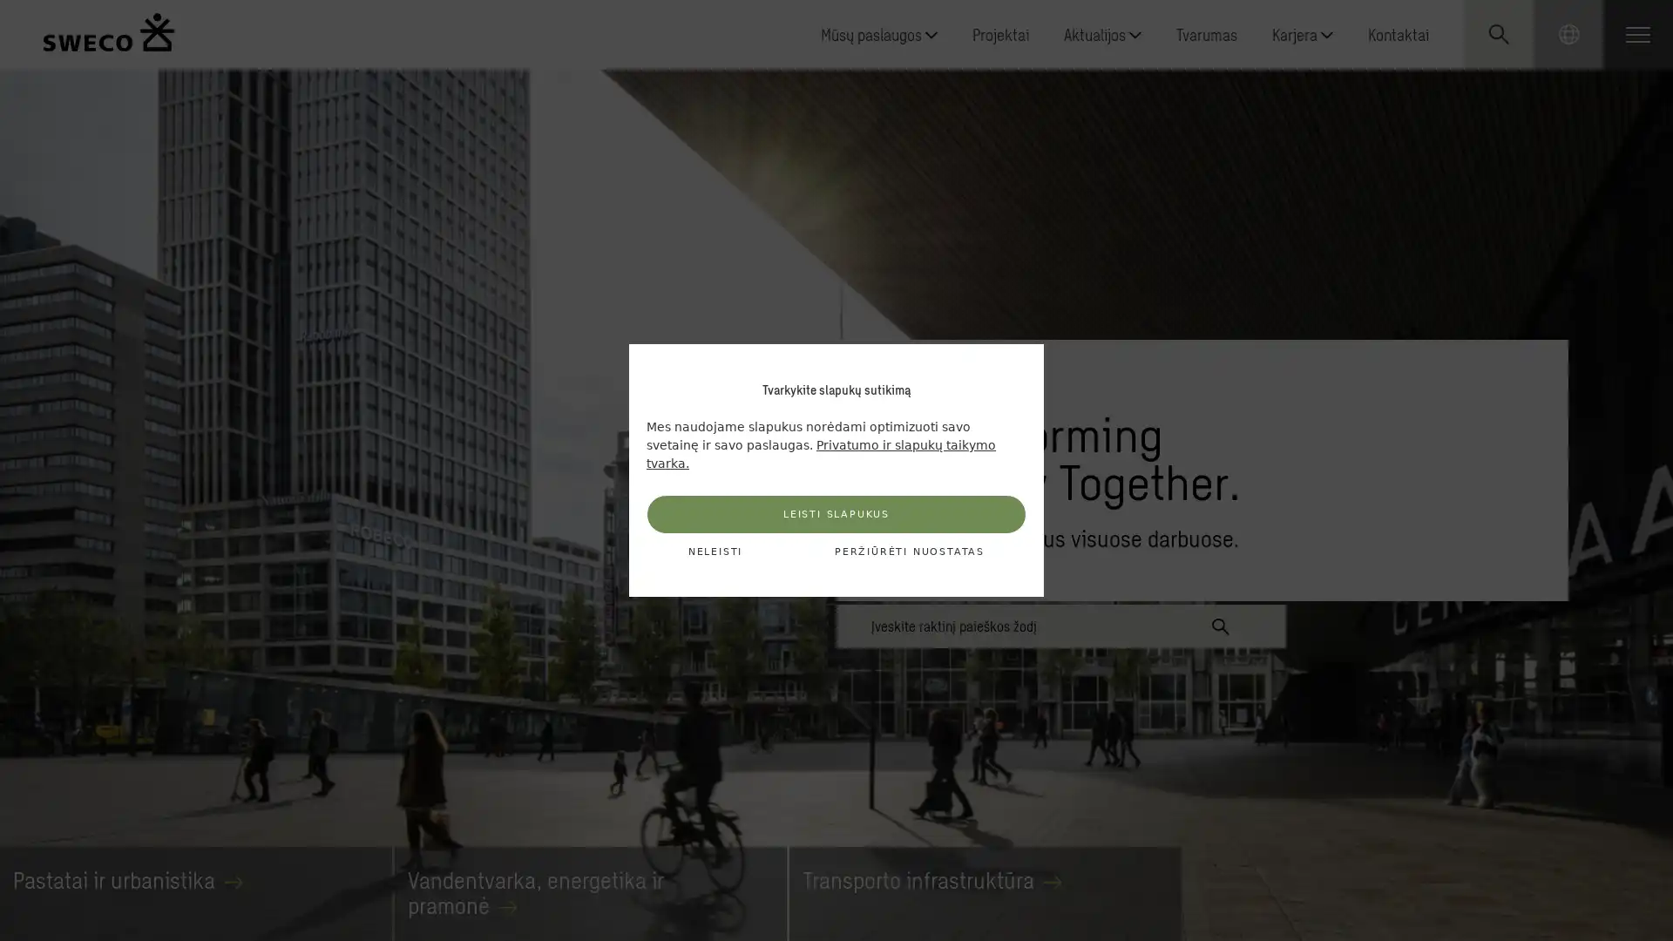  What do you see at coordinates (1220, 624) in the screenshot?
I see `Submit search` at bounding box center [1220, 624].